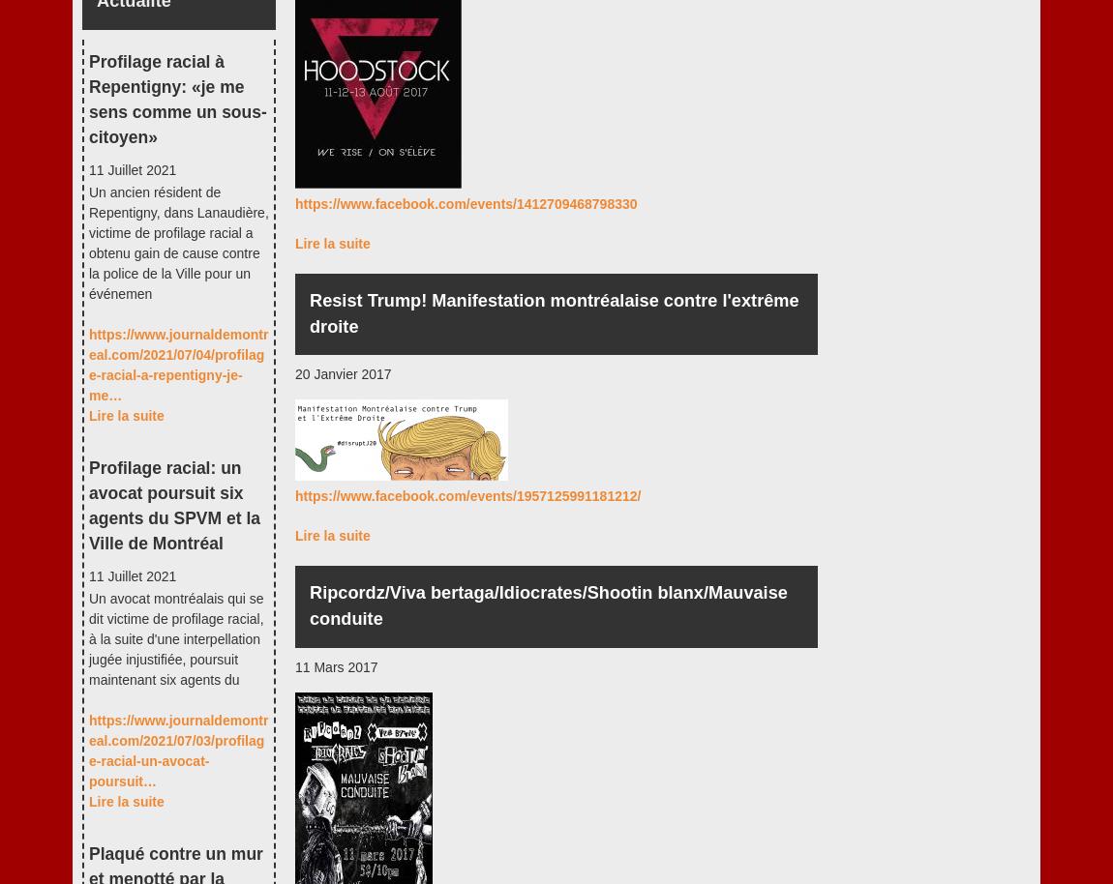 The width and height of the screenshot is (1113, 884). What do you see at coordinates (176, 99) in the screenshot?
I see `'Profilage racial à Repentigny: «je me sens comme un sous-citoyen»'` at bounding box center [176, 99].